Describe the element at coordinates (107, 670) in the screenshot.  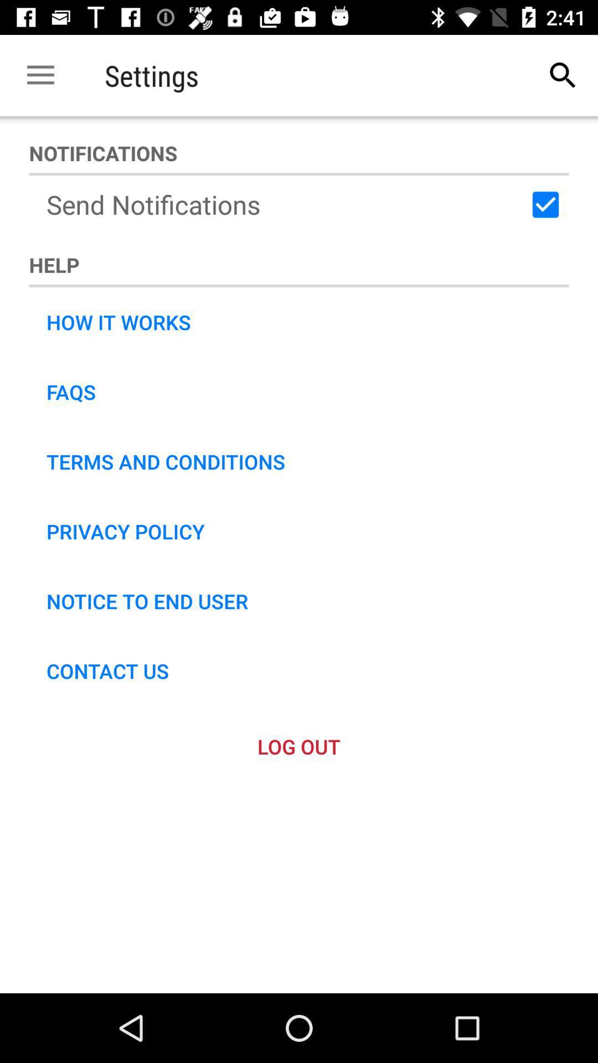
I see `contact us` at that location.